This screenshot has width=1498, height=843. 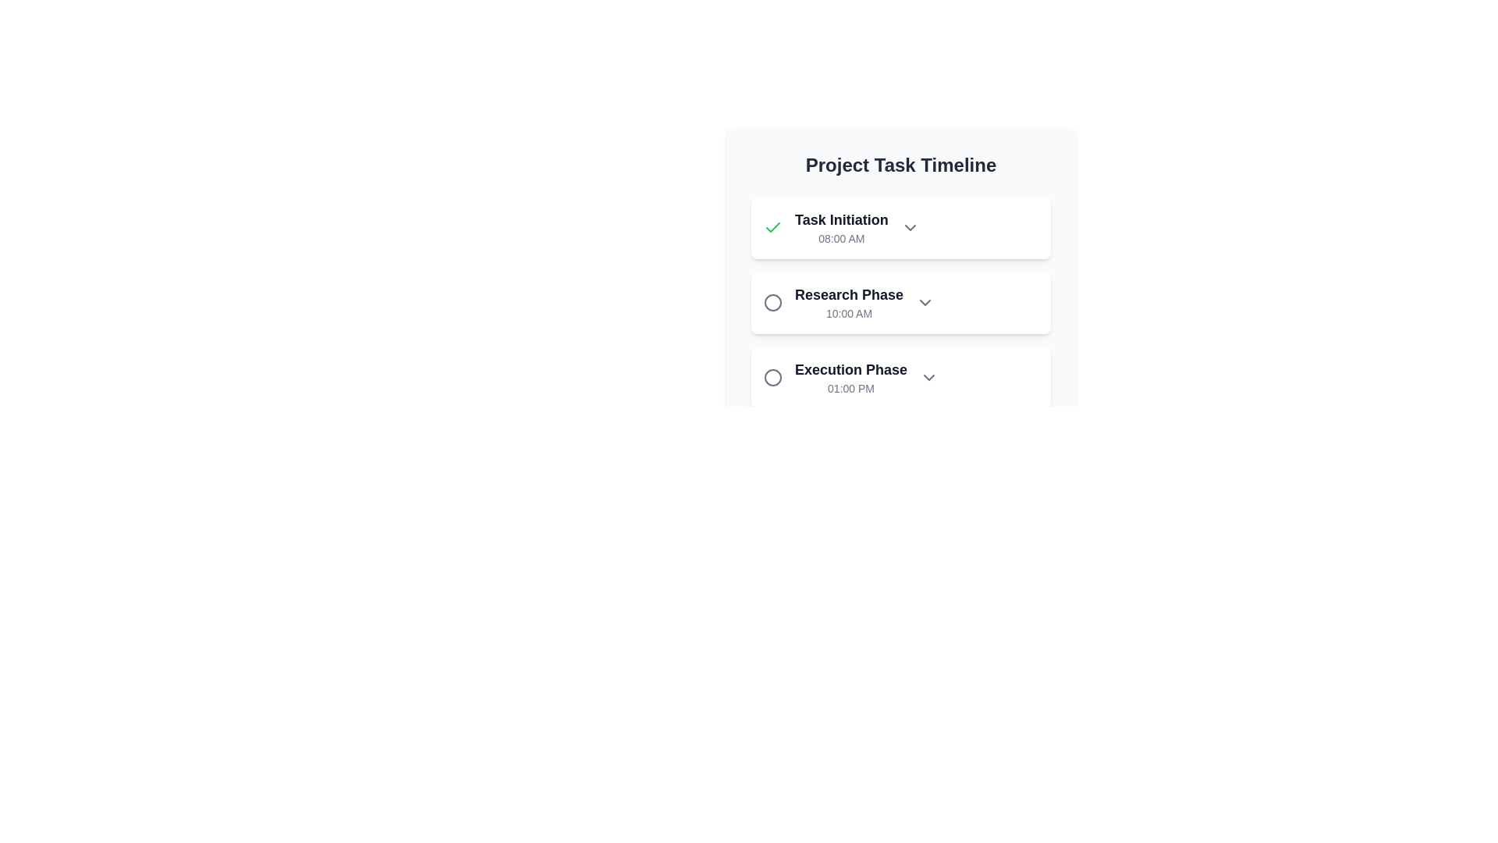 What do you see at coordinates (901, 377) in the screenshot?
I see `the dropdown arrow of the 'Execution Phase' list item in the Project Task Timeline to expand options` at bounding box center [901, 377].